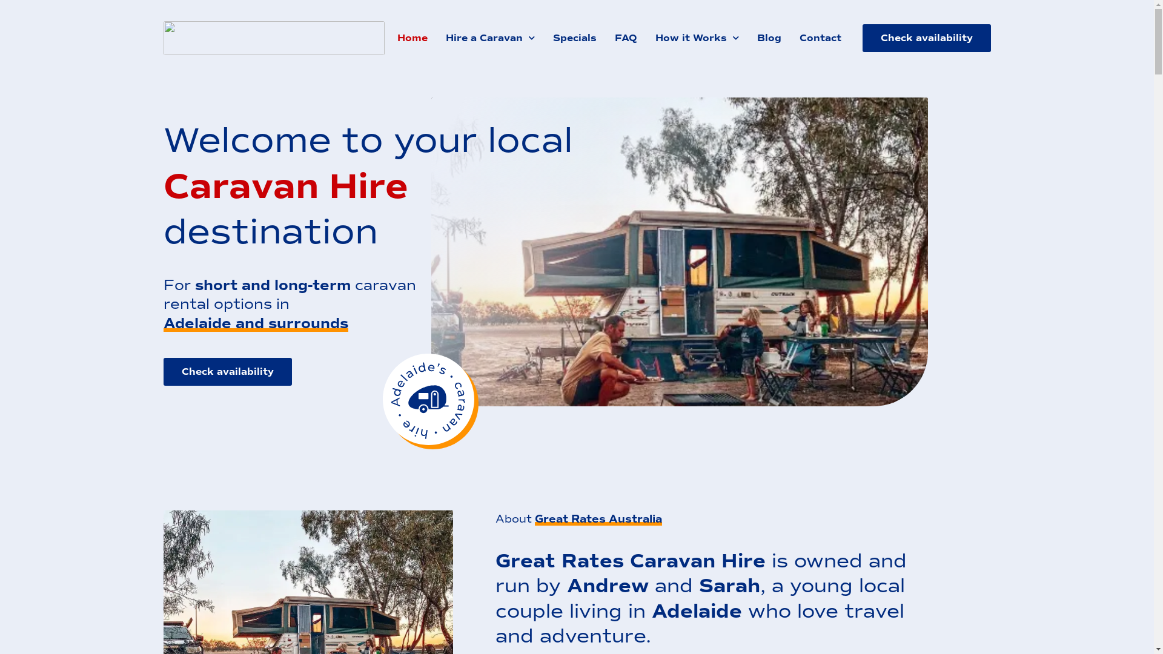  I want to click on 'FAQ', so click(626, 37).